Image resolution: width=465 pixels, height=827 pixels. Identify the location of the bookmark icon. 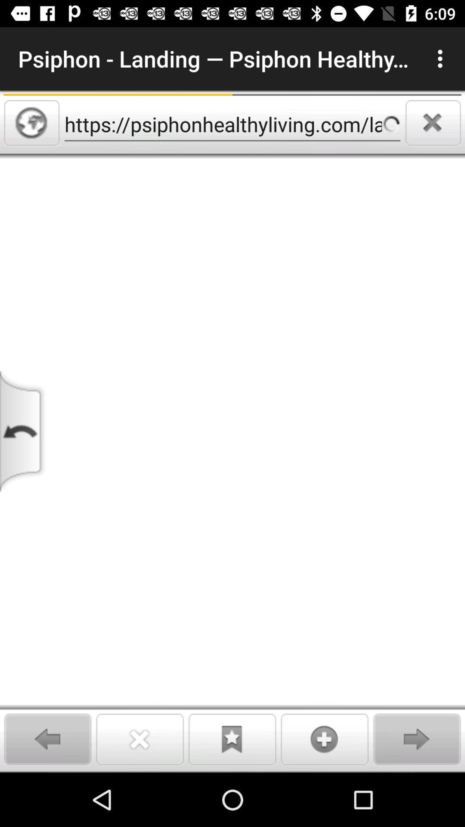
(232, 739).